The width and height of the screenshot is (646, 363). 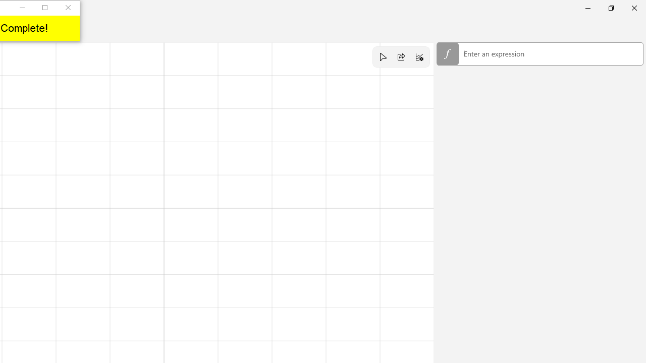 What do you see at coordinates (633, 8) in the screenshot?
I see `'Close Calculator'` at bounding box center [633, 8].